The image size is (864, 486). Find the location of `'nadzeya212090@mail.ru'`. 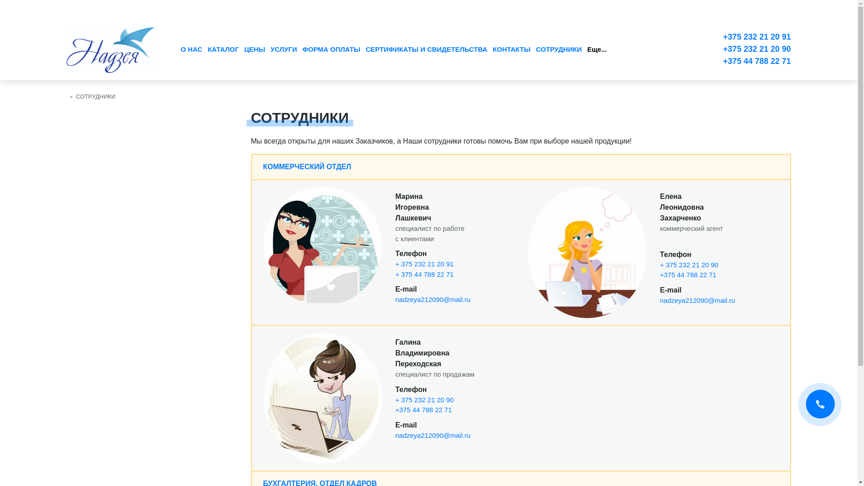

'nadzeya212090@mail.ru' is located at coordinates (395, 299).